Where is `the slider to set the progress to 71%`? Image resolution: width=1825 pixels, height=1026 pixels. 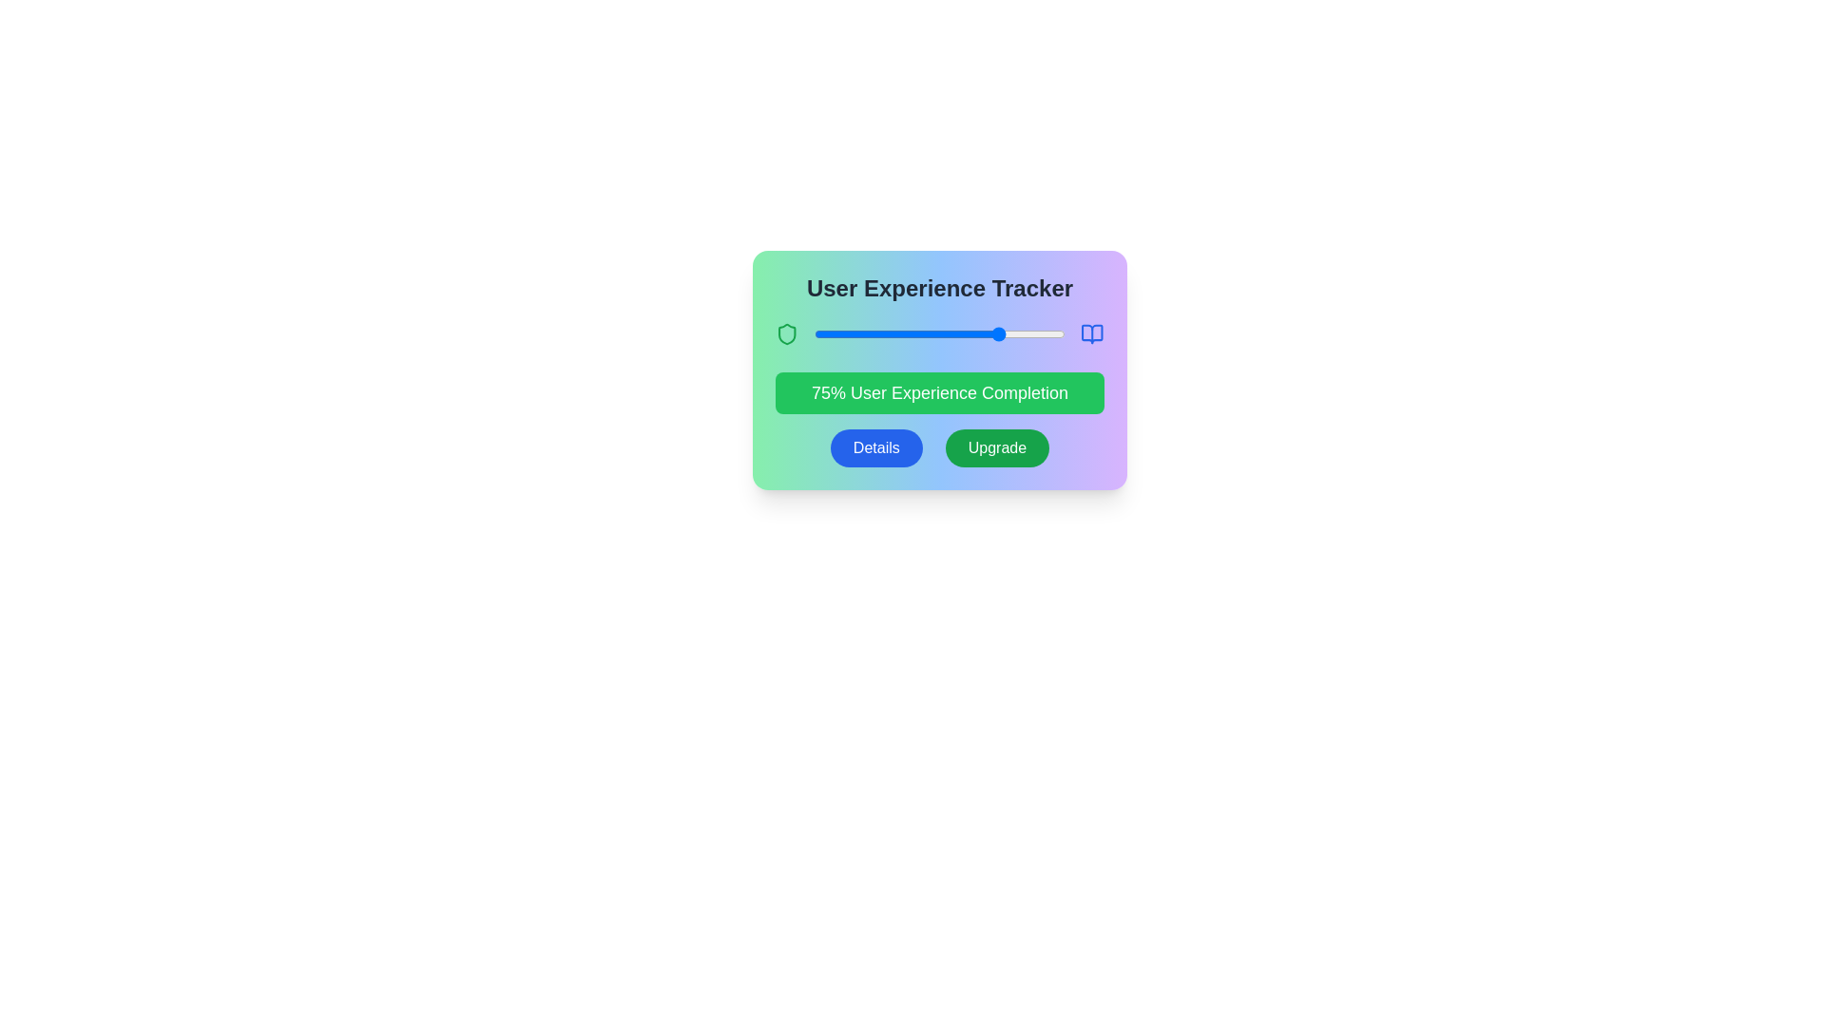 the slider to set the progress to 71% is located at coordinates (991, 332).